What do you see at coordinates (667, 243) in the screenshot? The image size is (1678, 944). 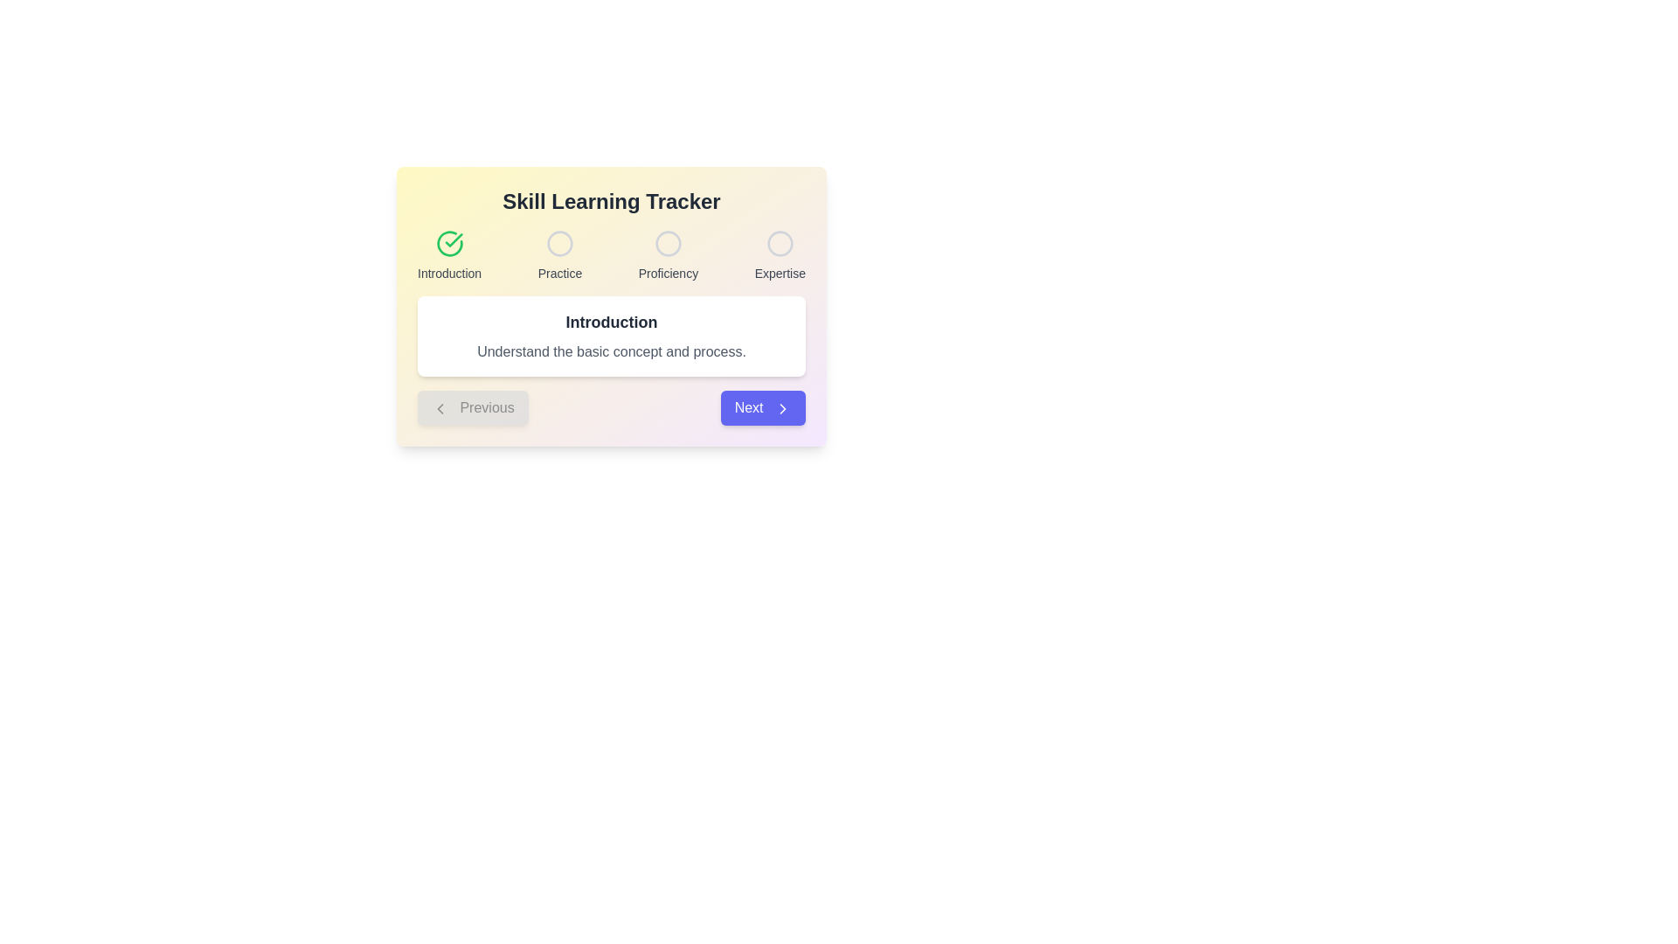 I see `the Proficiency stage progress indicator in the skill tracker interface, which is the third circular indicator in sequence under the titles 'Introduction', 'Practice', 'Proficiency', and 'Expertise'` at bounding box center [667, 243].